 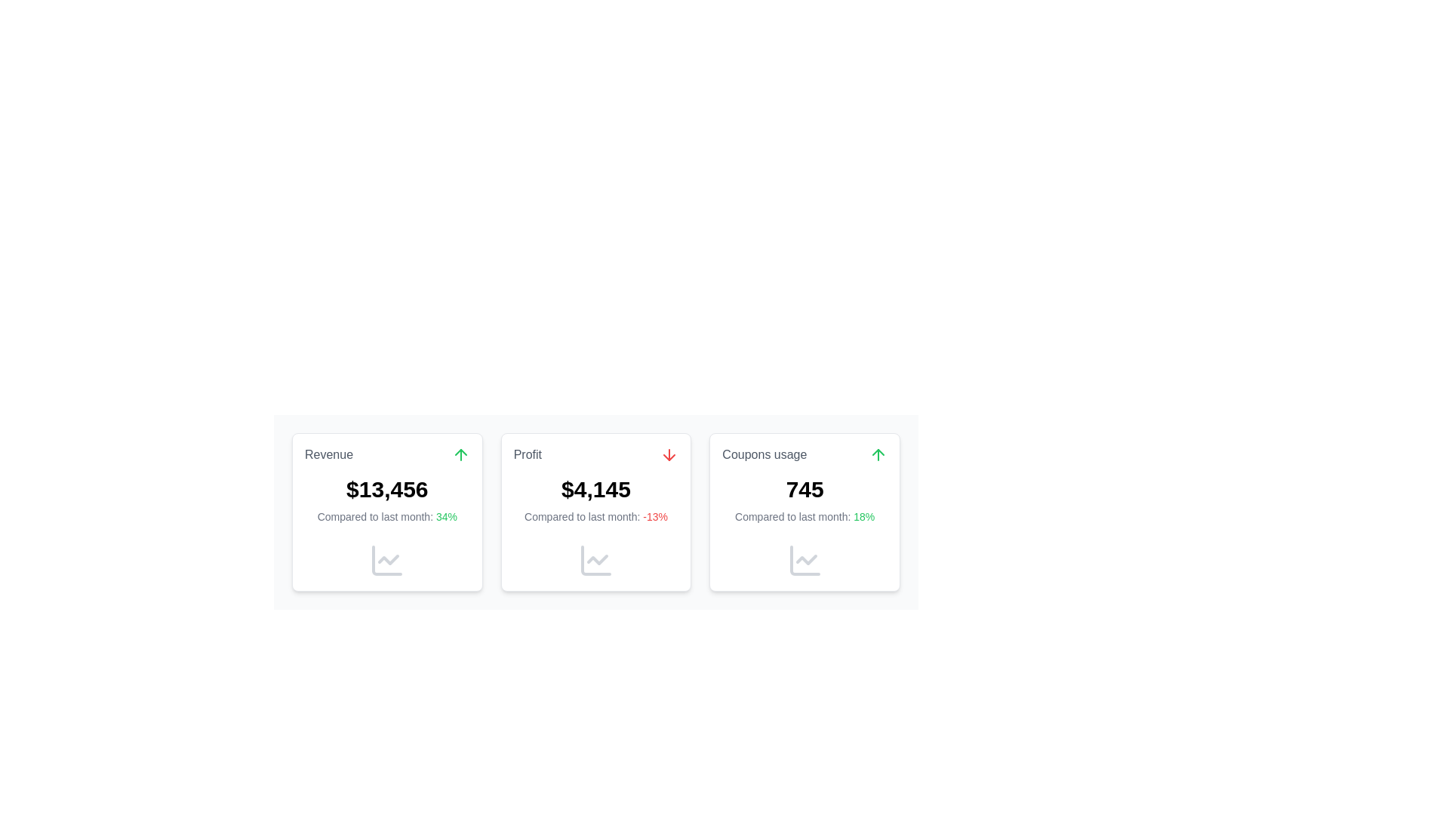 I want to click on the Text label that indicates coupon usage, located in the top section of the rightmost card in a three-card layout, directly above the numerical value and to the left of the upward arrow icon, so click(x=764, y=454).